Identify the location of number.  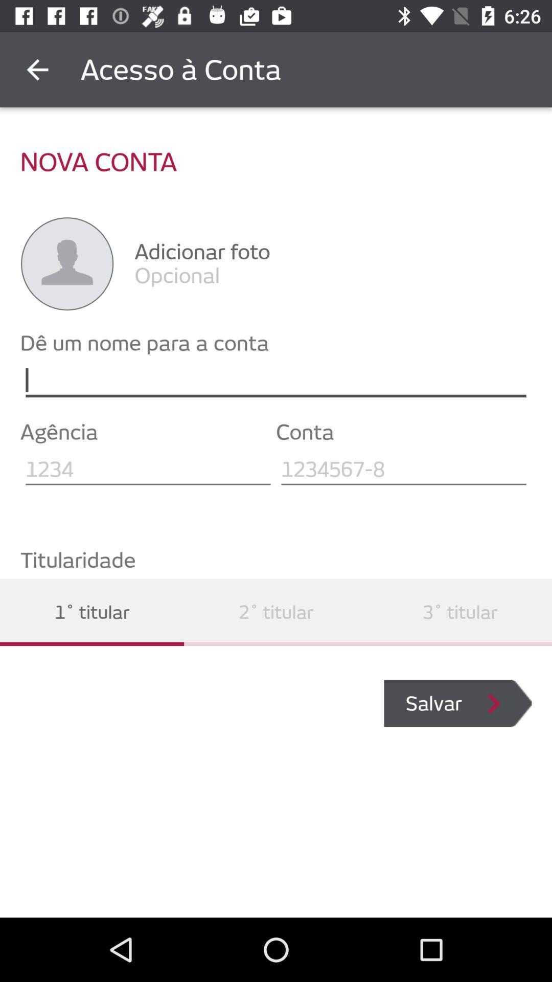
(403, 469).